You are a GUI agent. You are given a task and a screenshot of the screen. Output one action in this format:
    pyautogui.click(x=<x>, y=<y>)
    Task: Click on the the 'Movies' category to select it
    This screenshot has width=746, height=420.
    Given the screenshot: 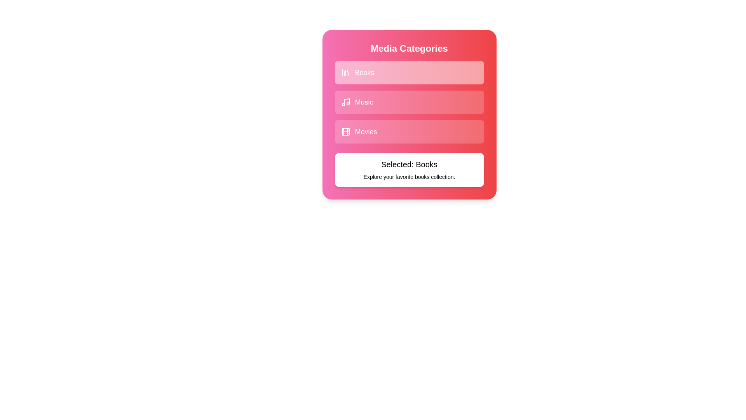 What is the action you would take?
    pyautogui.click(x=409, y=131)
    